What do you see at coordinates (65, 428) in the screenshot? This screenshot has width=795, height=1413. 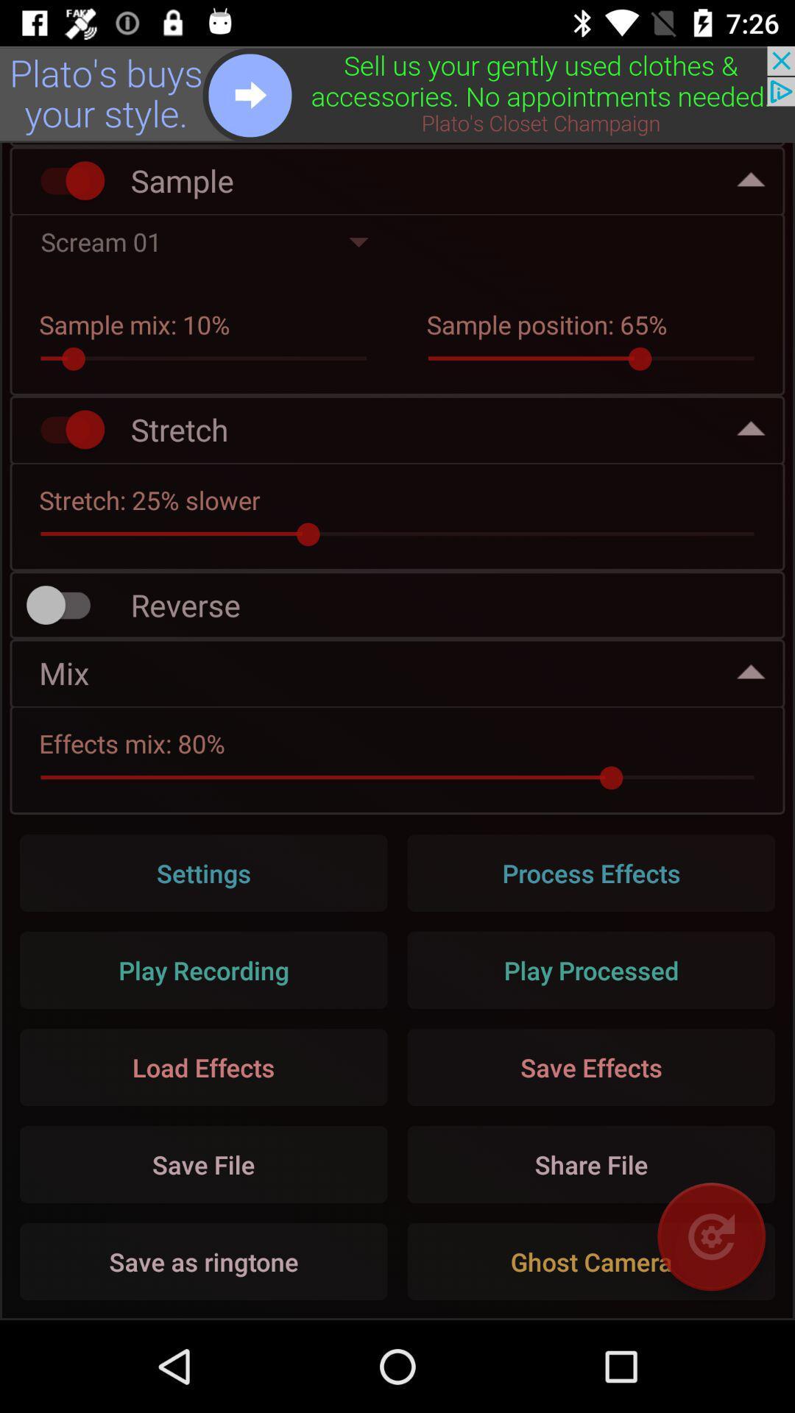 I see `stretch audio sample` at bounding box center [65, 428].